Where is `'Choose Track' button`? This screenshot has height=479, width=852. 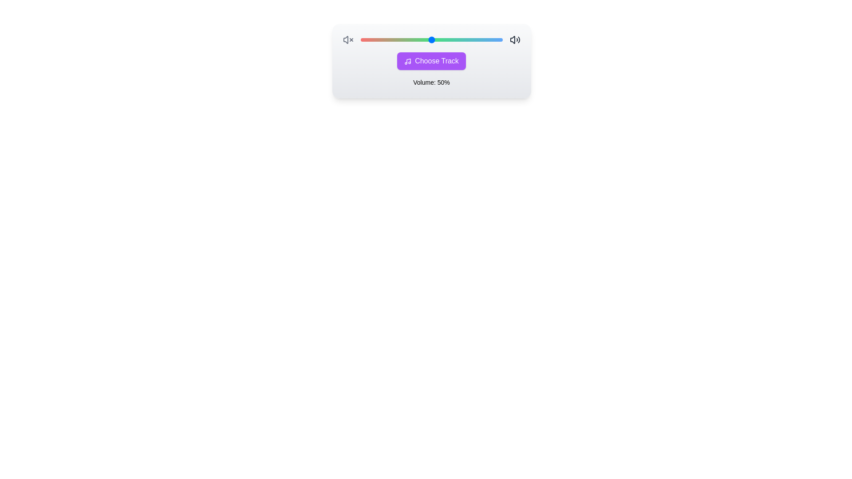 'Choose Track' button is located at coordinates (431, 61).